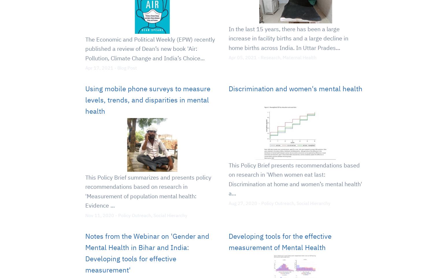  I want to click on 'Apr 17, 2021', so click(99, 68).